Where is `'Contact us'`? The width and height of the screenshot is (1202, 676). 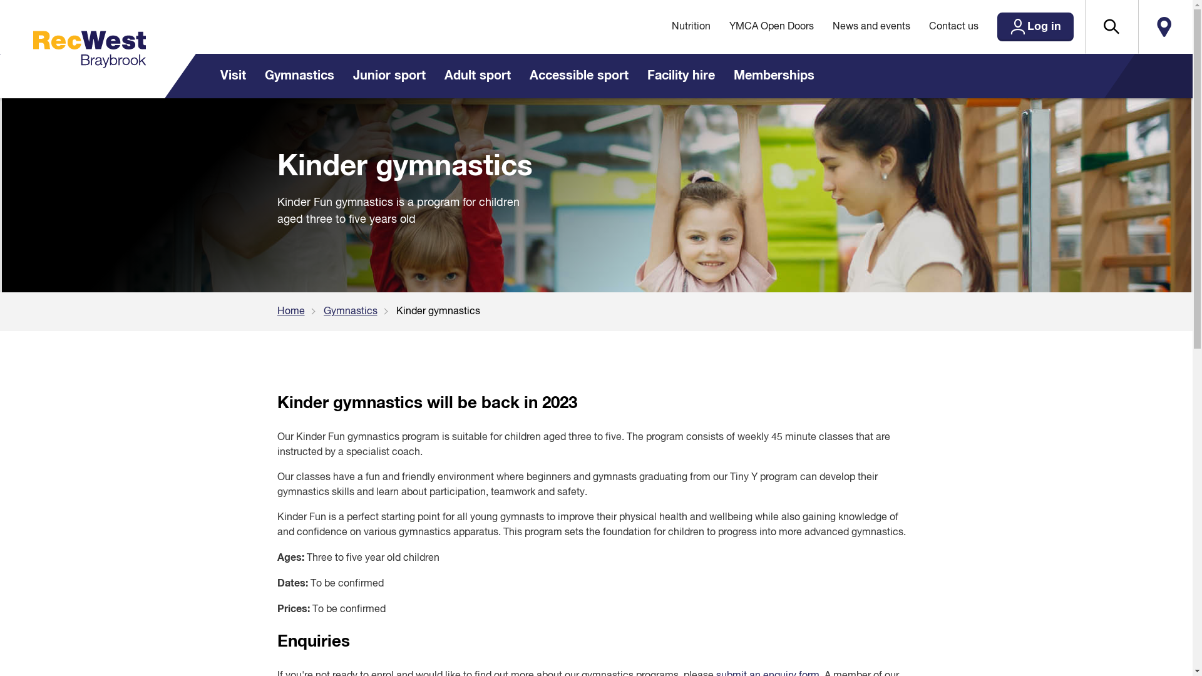
'Contact us' is located at coordinates (952, 26).